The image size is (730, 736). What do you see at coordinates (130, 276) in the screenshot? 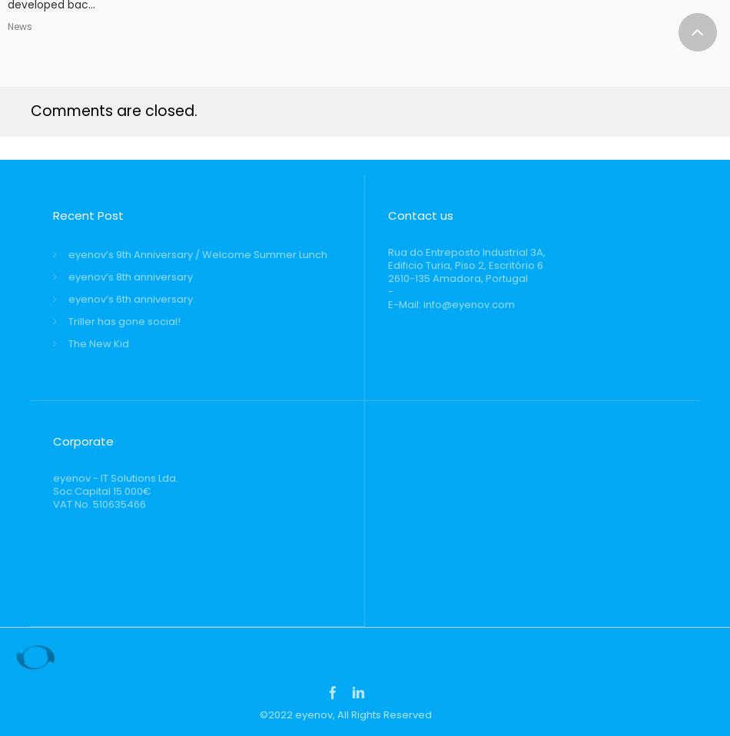
I see `'eyenov’s 8th anniversary'` at bounding box center [130, 276].